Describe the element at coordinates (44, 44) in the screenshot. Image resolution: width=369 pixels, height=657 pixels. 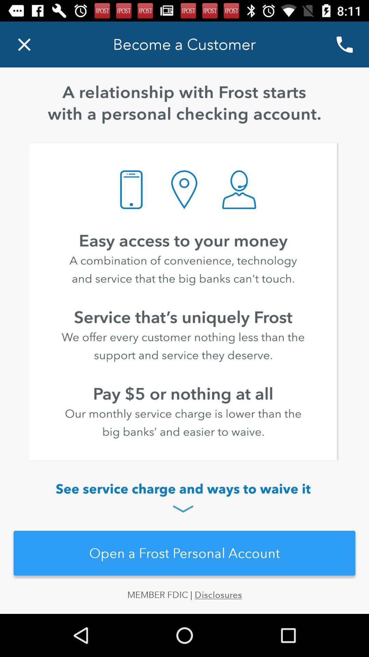
I see `the close icon` at that location.